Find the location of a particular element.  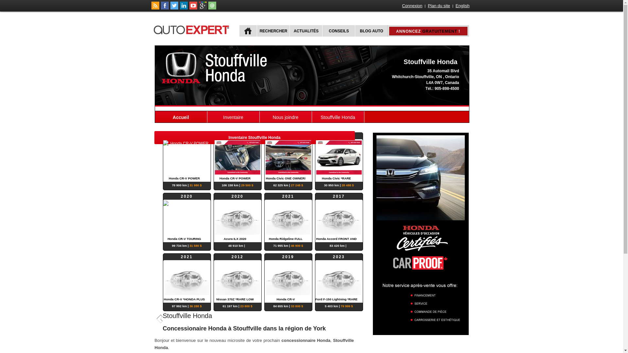

'Suivez Publications Le Guide Inc. sur LinkedIn' is located at coordinates (180, 8).